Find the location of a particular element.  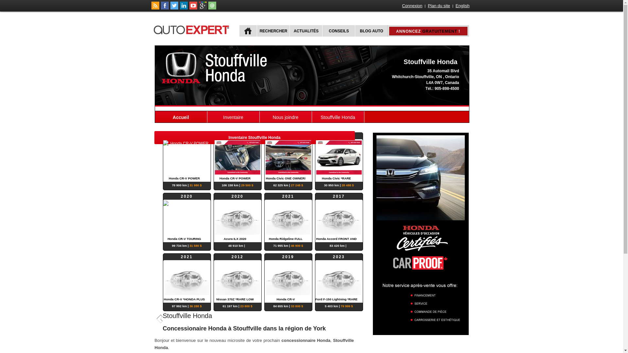

'Suivez Publications Le Guide Inc. sur LinkedIn' is located at coordinates (180, 8).